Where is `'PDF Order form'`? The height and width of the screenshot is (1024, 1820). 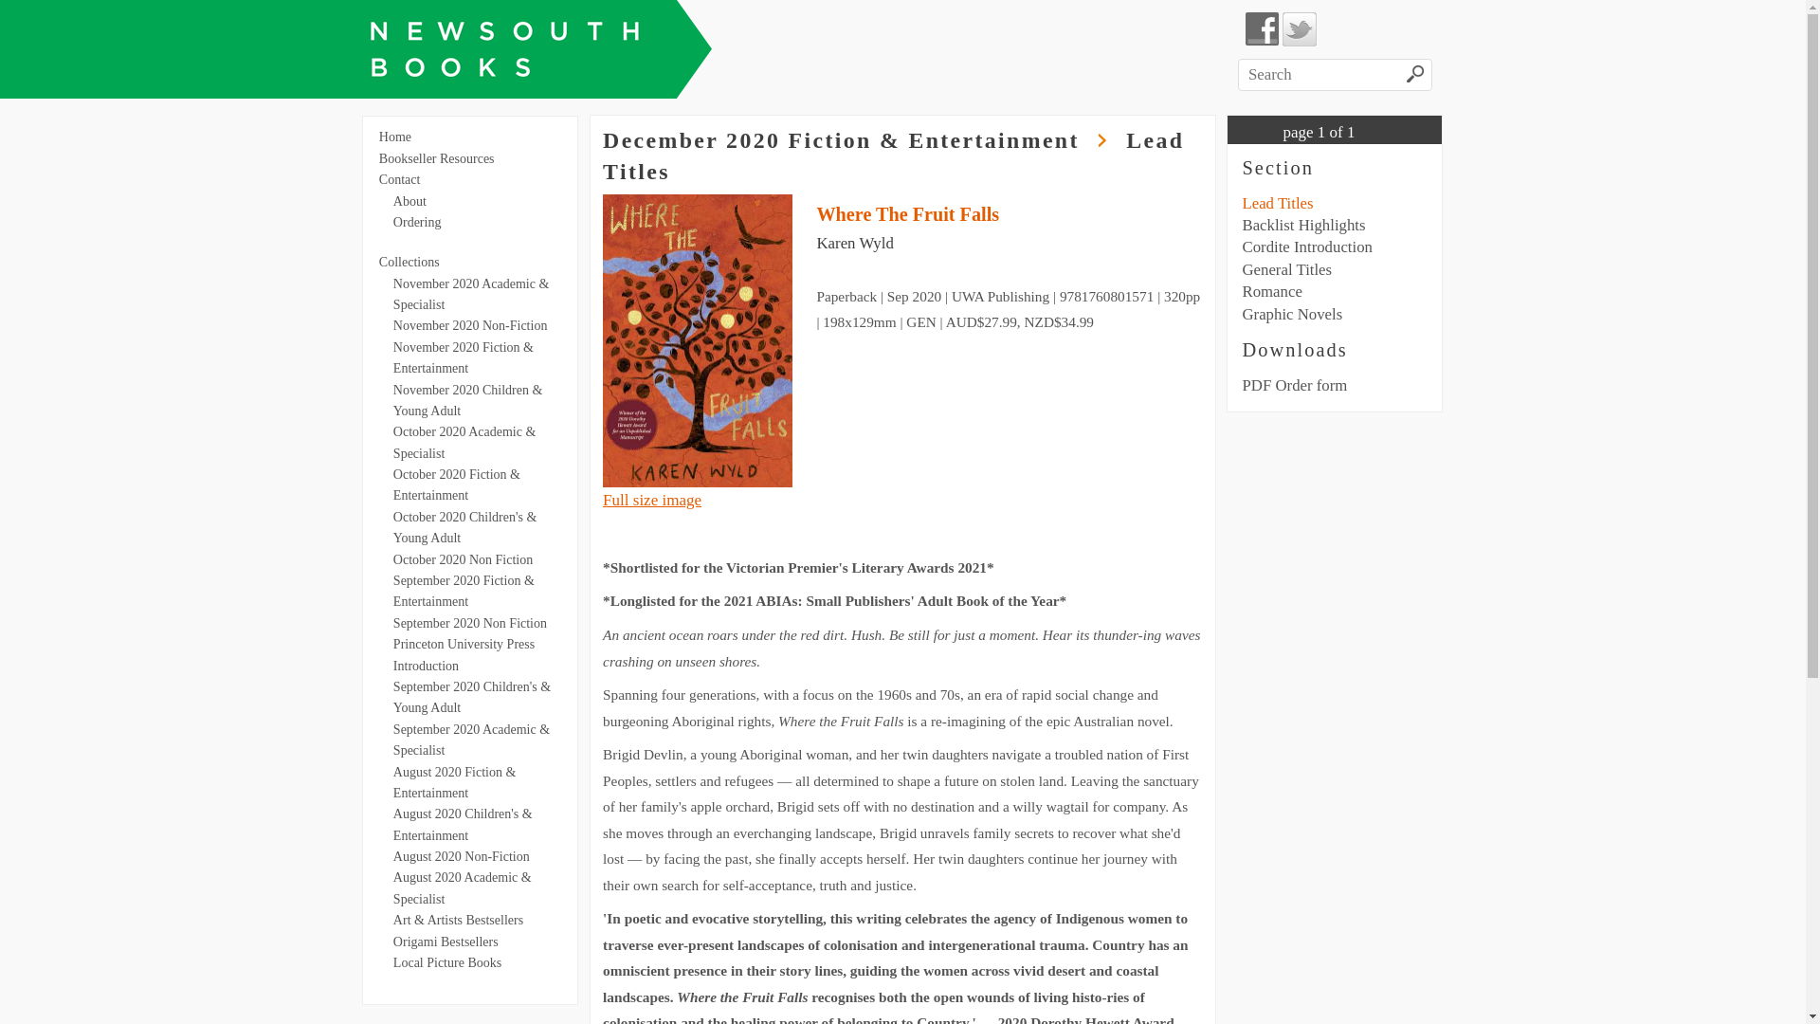
'PDF Order form' is located at coordinates (1293, 384).